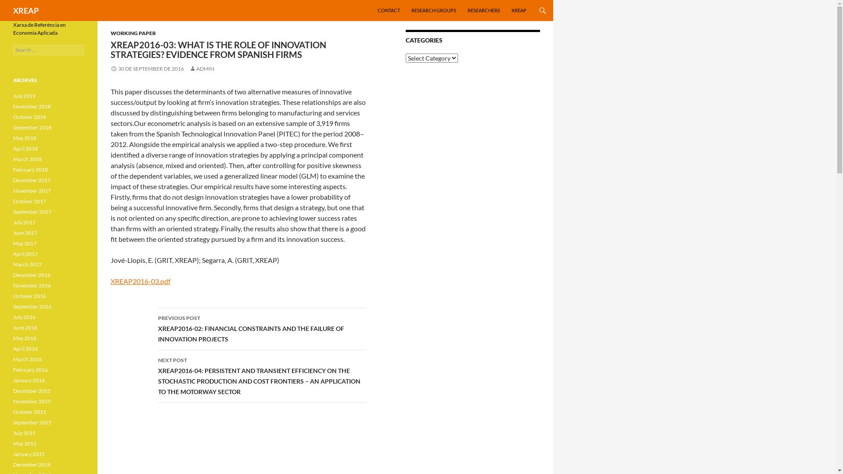 The width and height of the screenshot is (843, 474). What do you see at coordinates (32, 274) in the screenshot?
I see `'December 2016'` at bounding box center [32, 274].